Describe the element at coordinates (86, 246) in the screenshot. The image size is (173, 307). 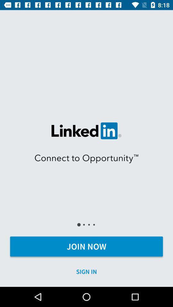
I see `join now item` at that location.